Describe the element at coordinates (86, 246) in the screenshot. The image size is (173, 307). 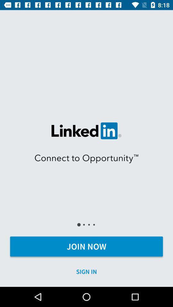
I see `join now item` at that location.